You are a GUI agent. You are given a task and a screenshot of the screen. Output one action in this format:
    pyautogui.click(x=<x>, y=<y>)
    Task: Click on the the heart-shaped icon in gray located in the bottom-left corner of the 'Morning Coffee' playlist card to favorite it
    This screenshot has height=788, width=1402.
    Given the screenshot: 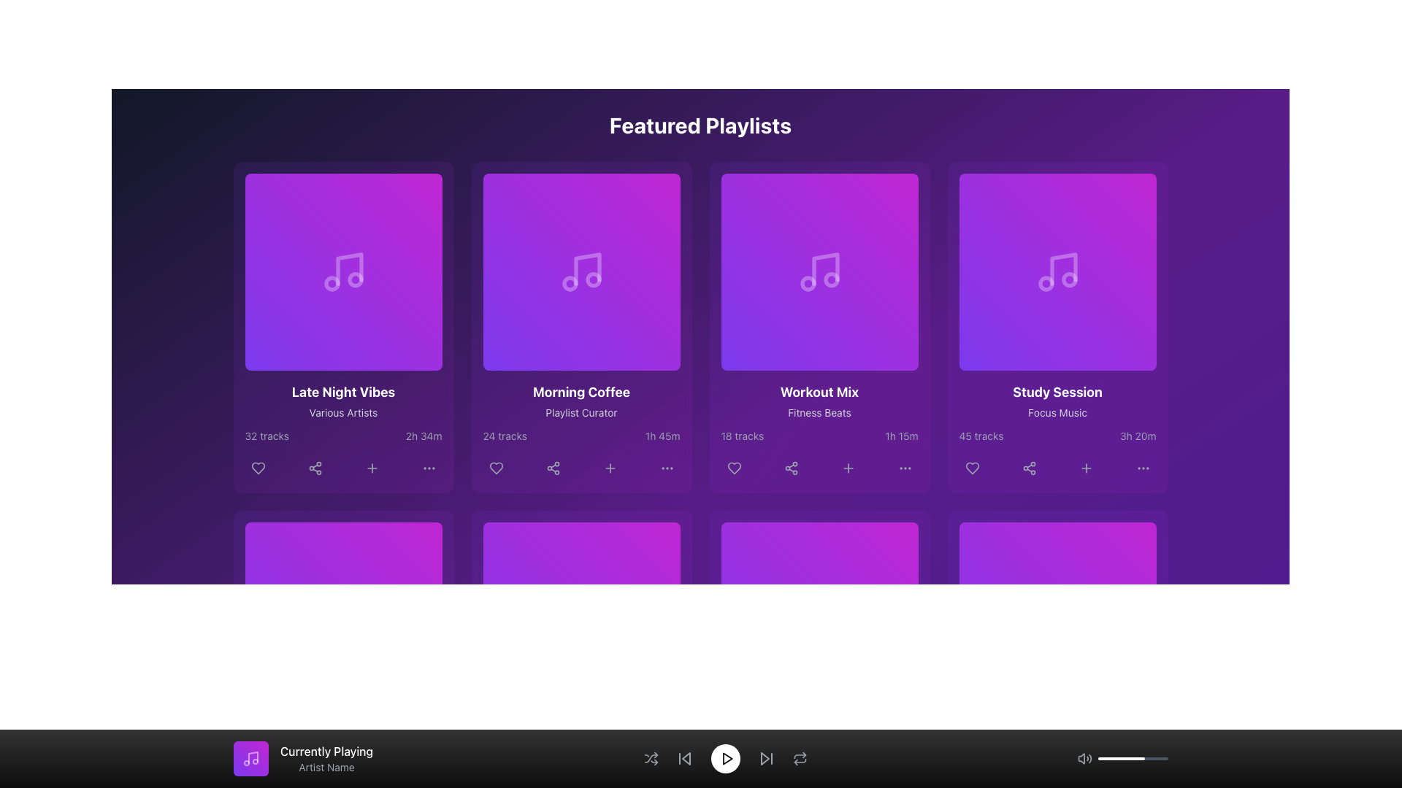 What is the action you would take?
    pyautogui.click(x=496, y=468)
    